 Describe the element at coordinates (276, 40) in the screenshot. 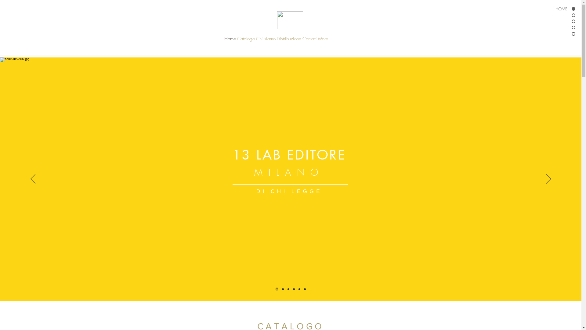

I see `'Distribuzione'` at that location.